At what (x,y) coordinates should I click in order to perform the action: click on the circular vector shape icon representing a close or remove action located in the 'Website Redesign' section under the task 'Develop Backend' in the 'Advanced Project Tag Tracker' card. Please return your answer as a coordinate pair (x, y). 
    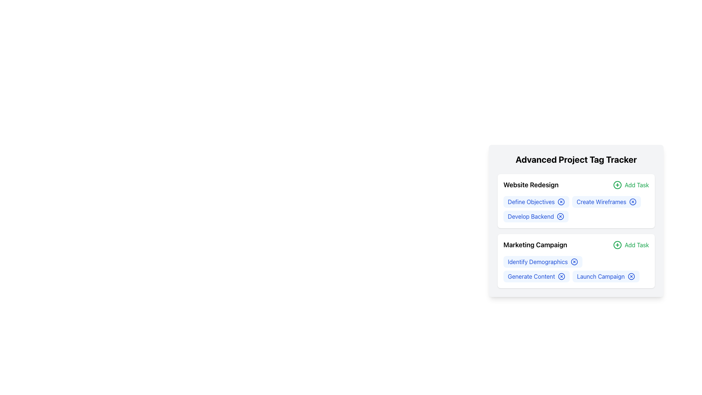
    Looking at the image, I should click on (560, 216).